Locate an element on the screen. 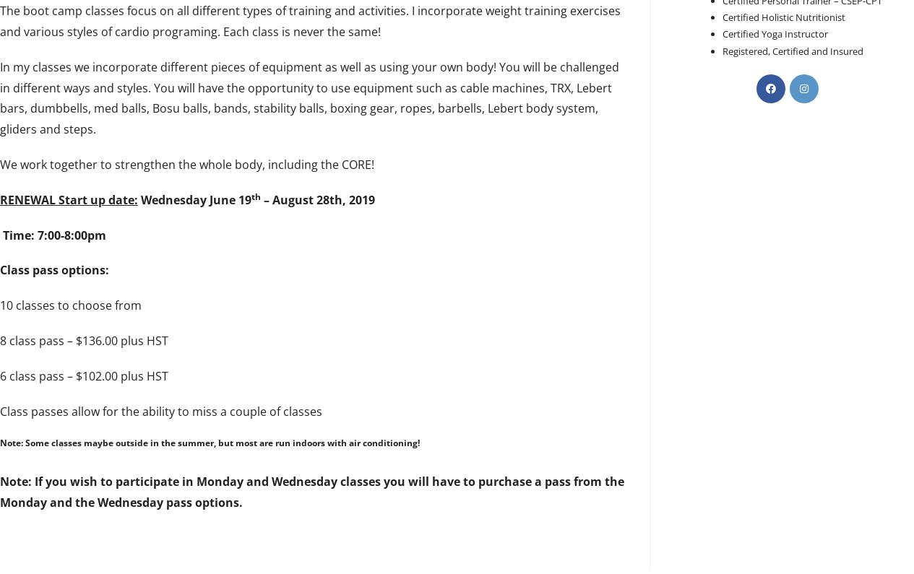 The width and height of the screenshot is (914, 574). '6 class pass – $102.00 plus HST' is located at coordinates (83, 375).